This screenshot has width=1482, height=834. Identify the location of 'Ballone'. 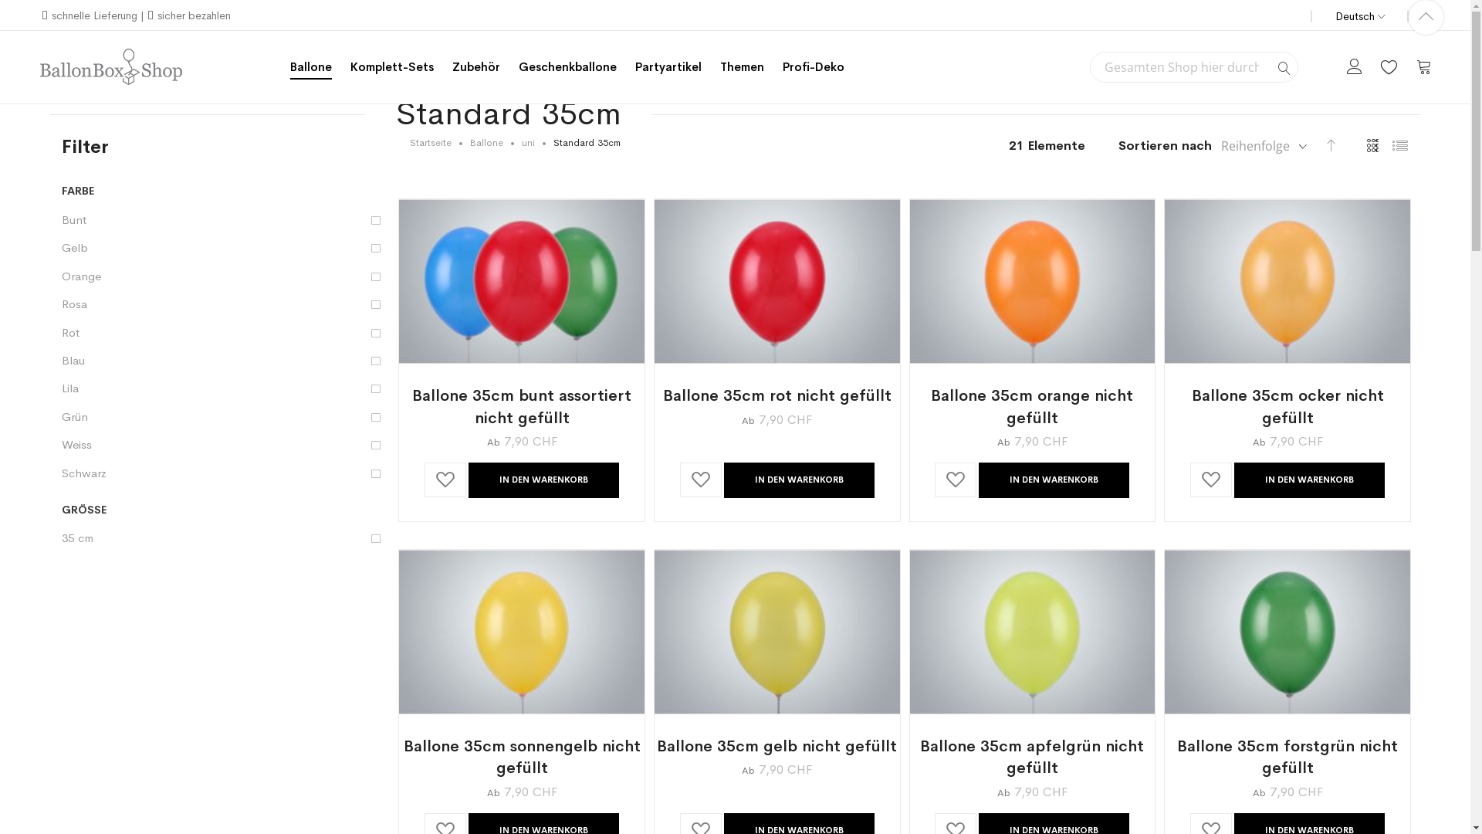
(486, 143).